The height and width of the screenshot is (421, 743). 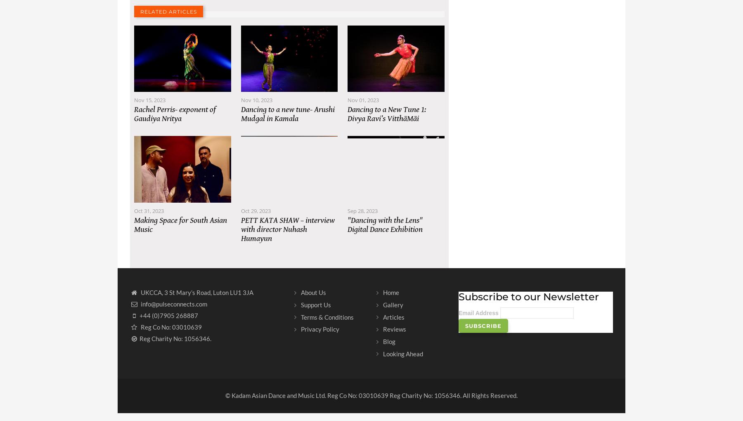 I want to click on 'Blog', so click(x=382, y=349).